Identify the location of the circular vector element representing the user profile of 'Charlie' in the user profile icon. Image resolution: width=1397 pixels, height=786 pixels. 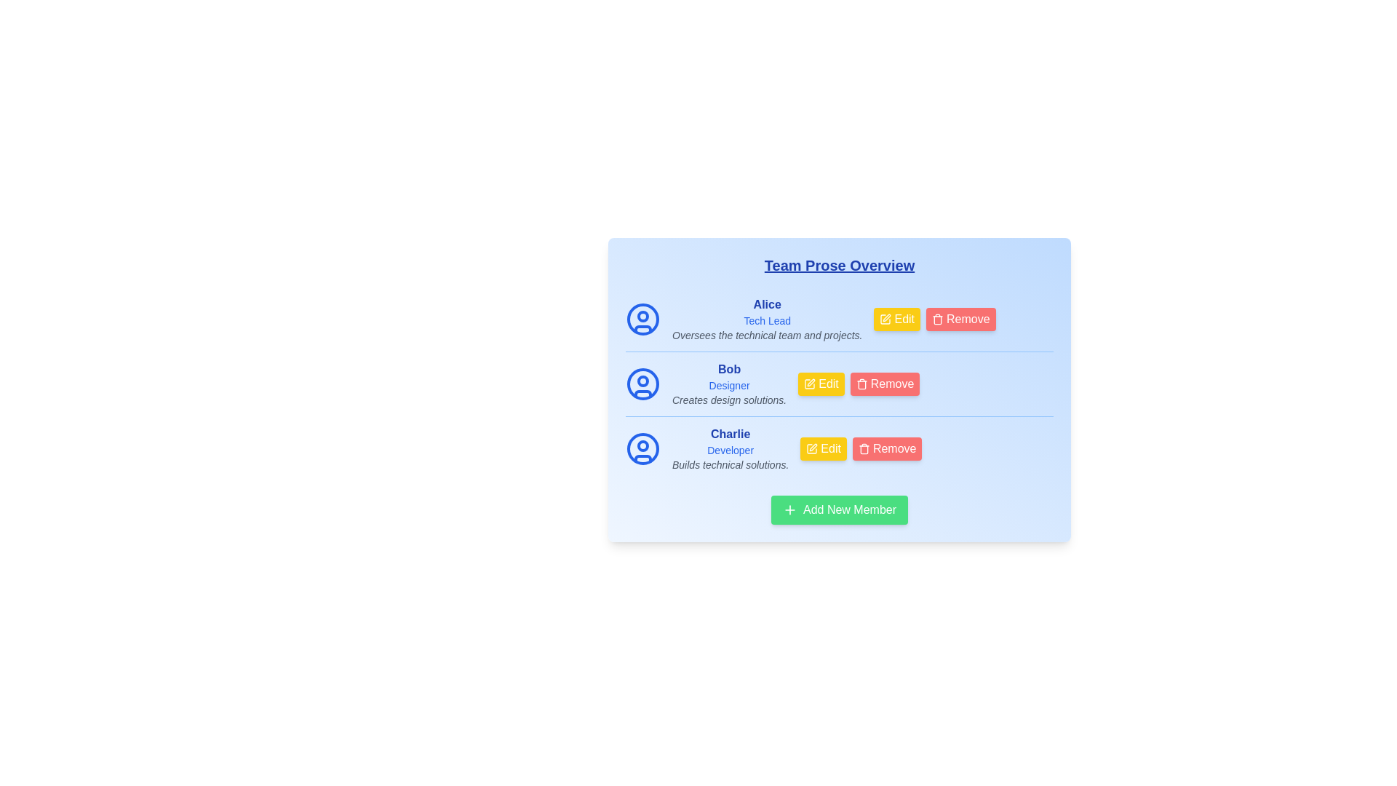
(642, 448).